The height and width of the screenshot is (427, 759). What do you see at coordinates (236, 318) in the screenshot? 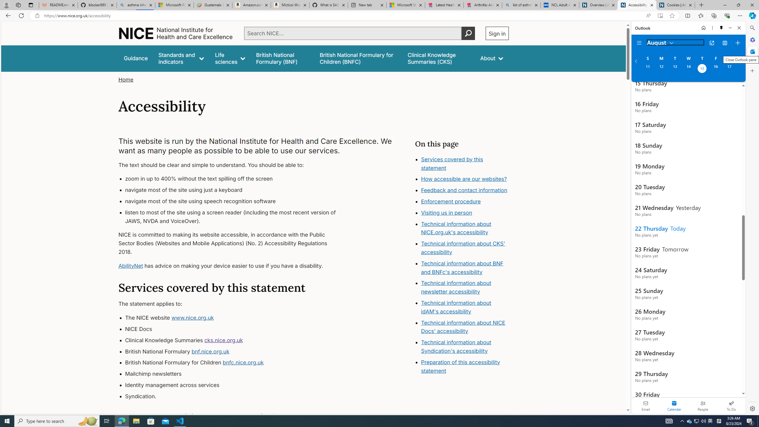
I see `'The NICE website www.nice.org.uk'` at bounding box center [236, 318].